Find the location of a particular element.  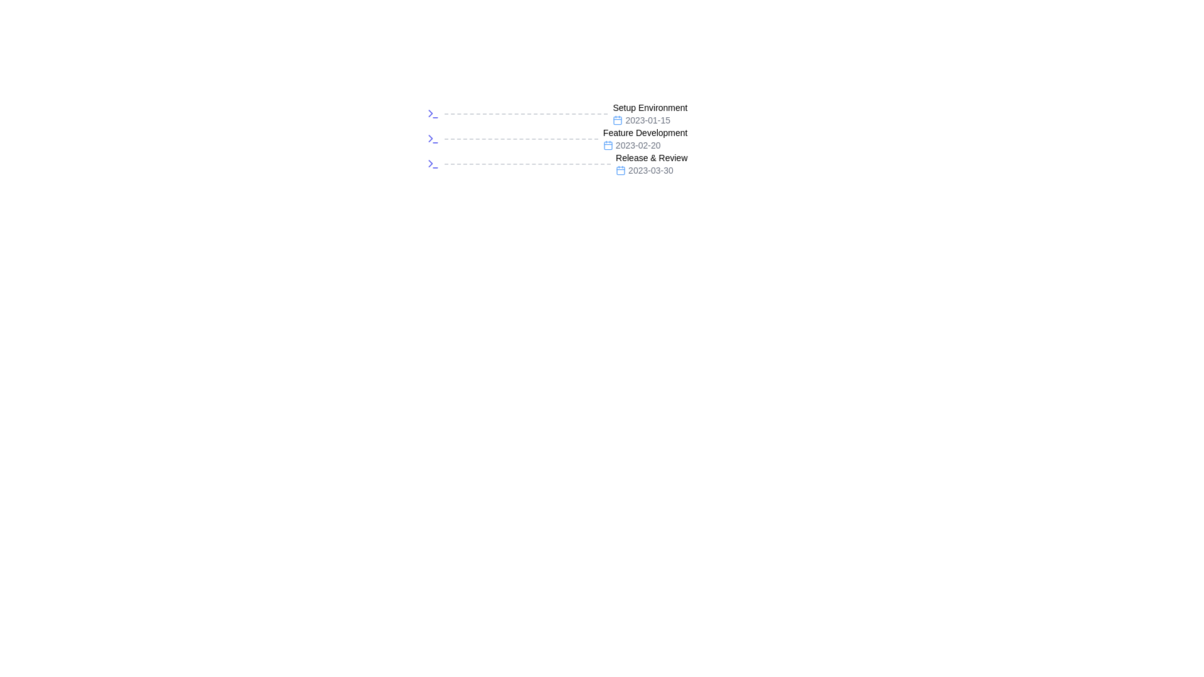

the Text Label with Icon that indicates the date for the 'Release & Review' event, located at the bottom of the list item under the heading 'Release & Review' is located at coordinates (652, 171).